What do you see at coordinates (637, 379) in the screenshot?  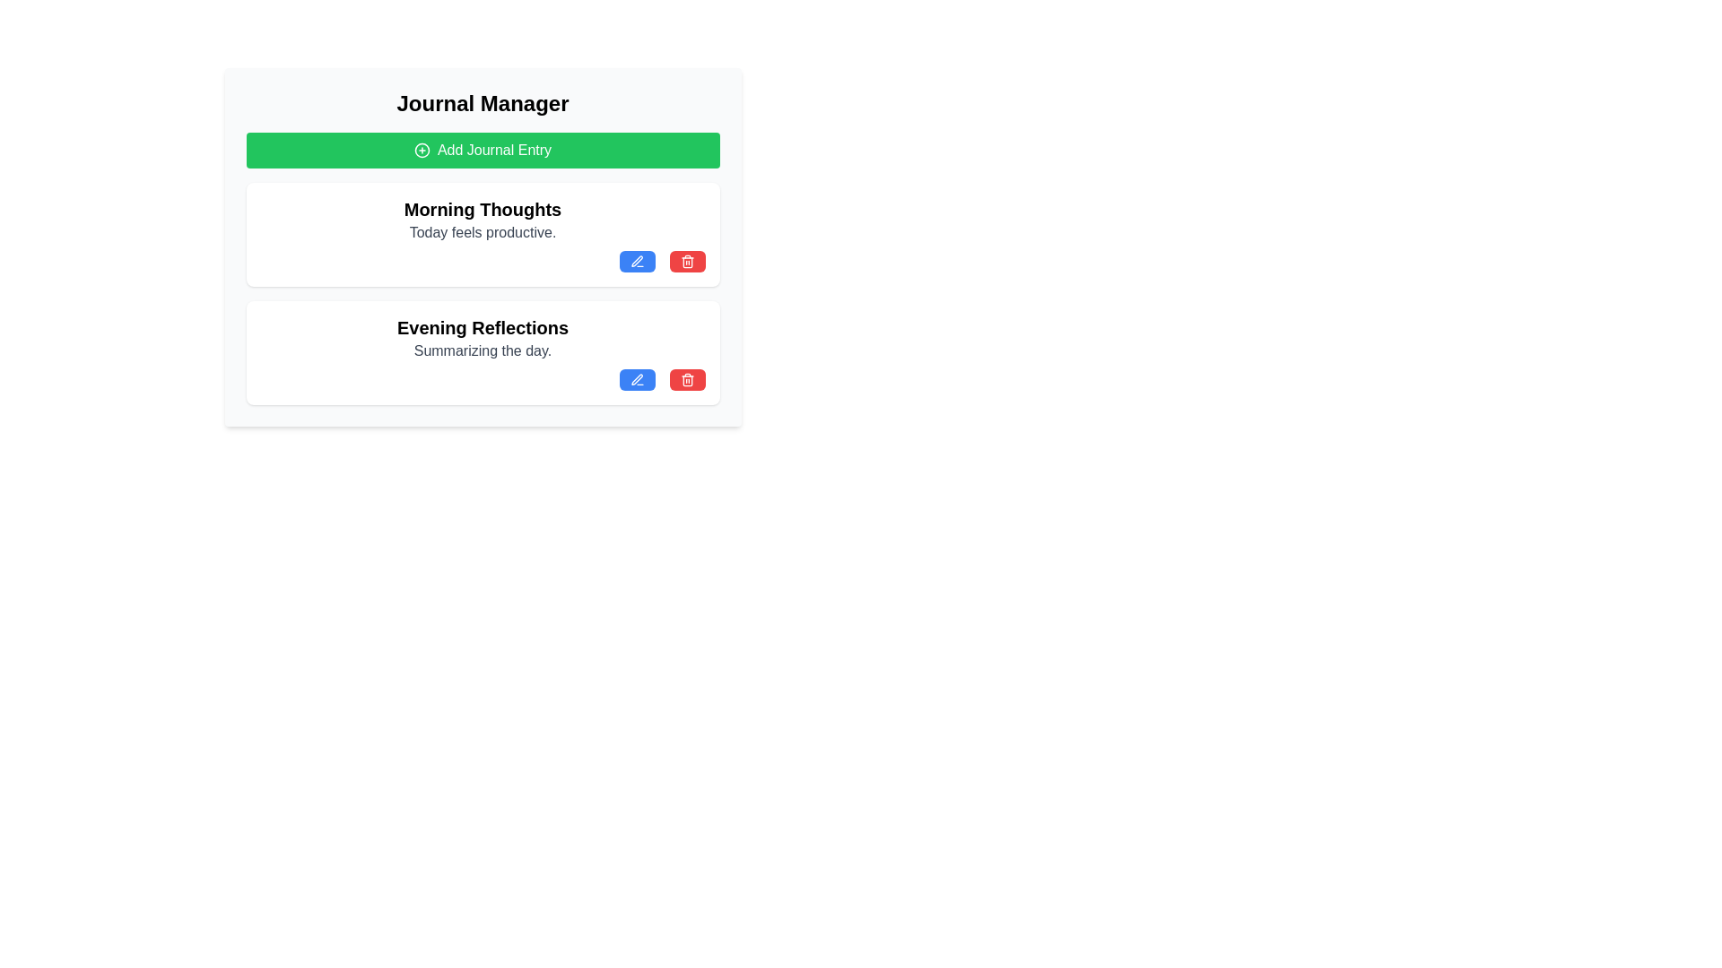 I see `the interactive button on the right side of the 'Evening Reflections' section to initiate the edit action` at bounding box center [637, 379].